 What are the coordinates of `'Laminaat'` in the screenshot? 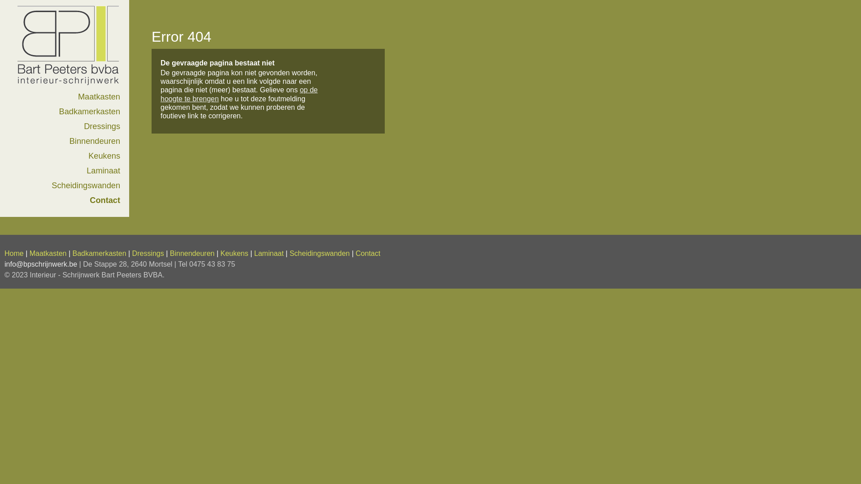 It's located at (269, 253).